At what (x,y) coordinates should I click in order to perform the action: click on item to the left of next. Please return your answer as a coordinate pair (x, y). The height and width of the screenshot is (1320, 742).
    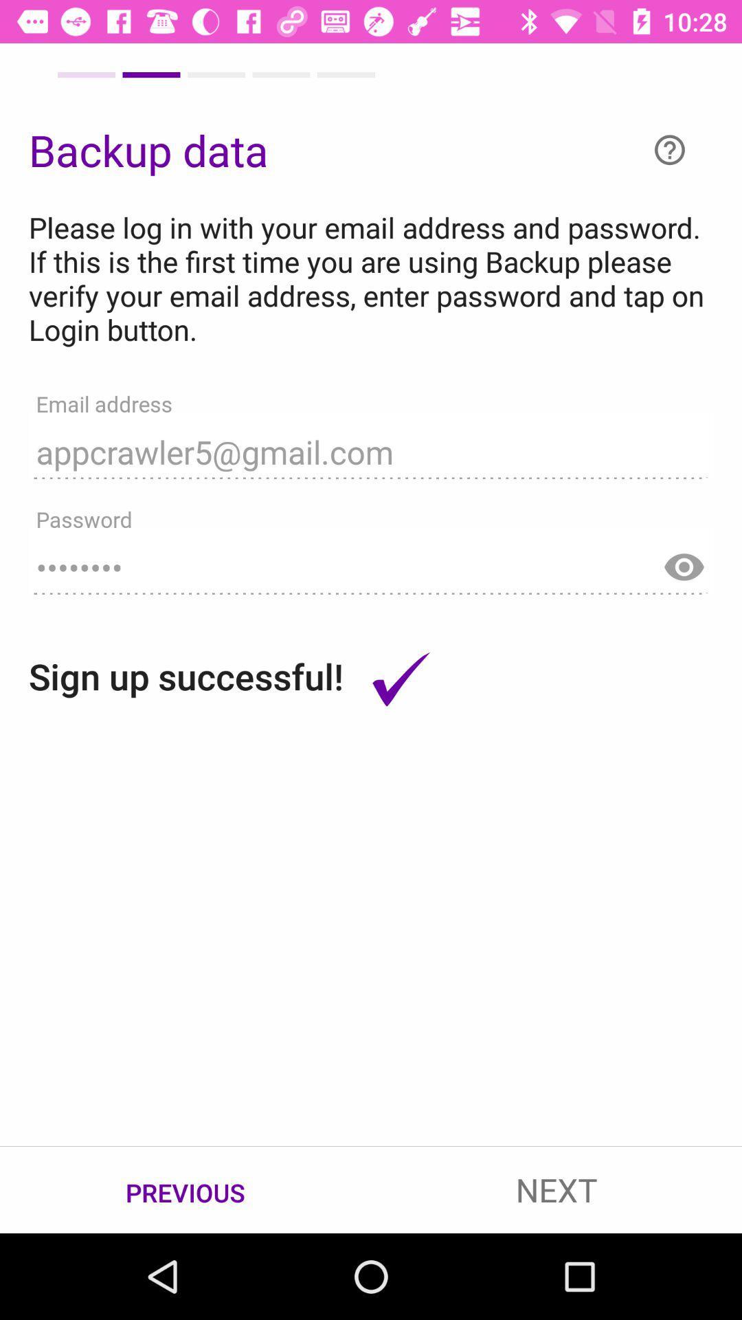
    Looking at the image, I should click on (185, 1190).